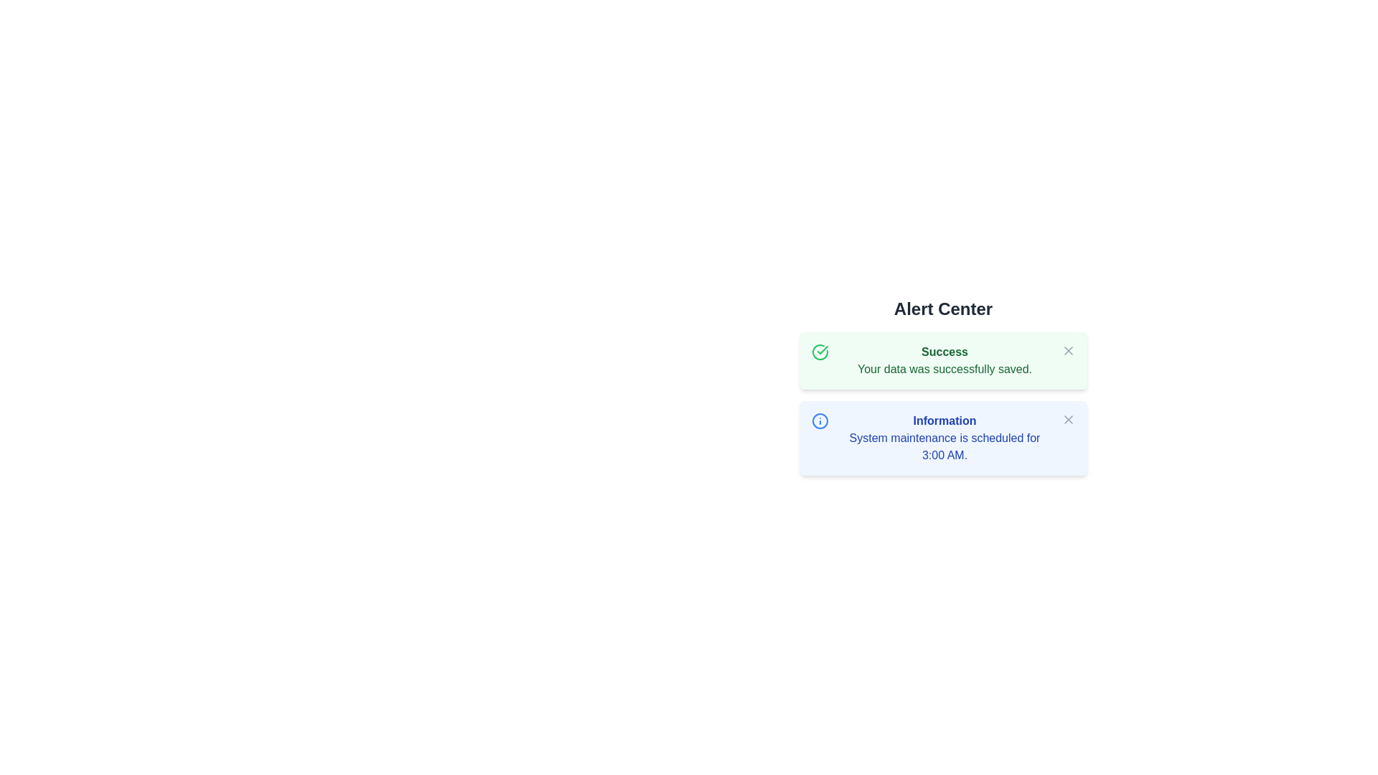 This screenshot has height=775, width=1378. I want to click on the blue circular icon with a smaller blue dot in the center, located to the left of the 'Information' message in the light blue notification box, so click(820, 420).